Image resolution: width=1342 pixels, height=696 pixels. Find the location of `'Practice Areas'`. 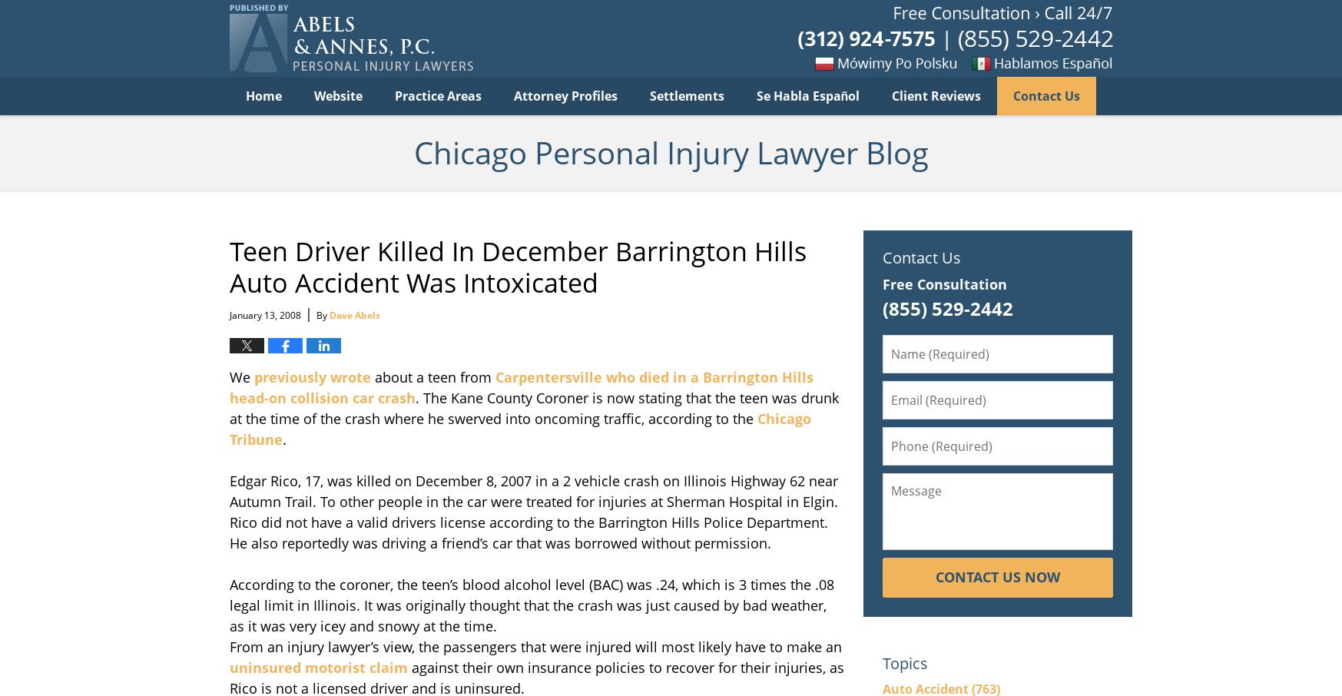

'Practice Areas' is located at coordinates (437, 95).